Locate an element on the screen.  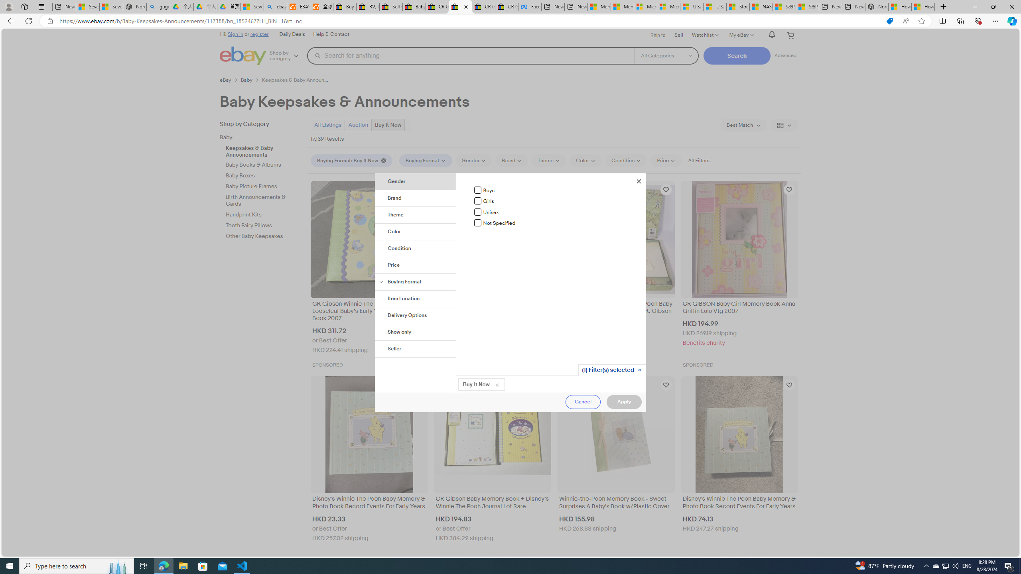
'Condition' is located at coordinates (416, 249).